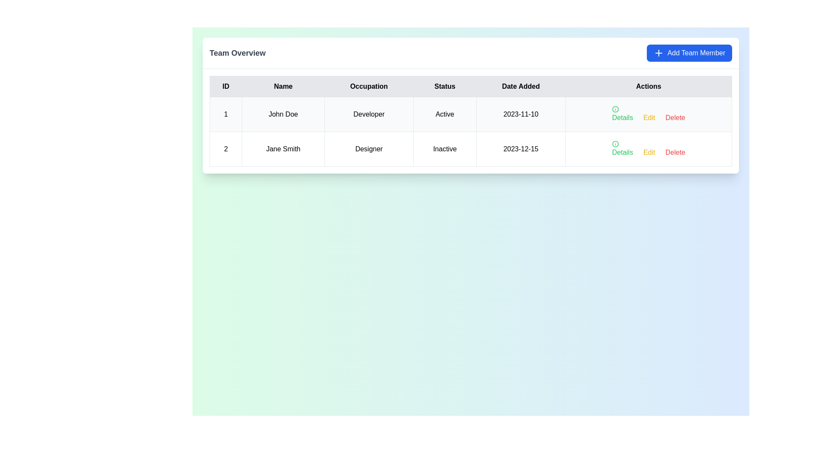 This screenshot has height=463, width=823. Describe the element at coordinates (520, 148) in the screenshot. I see `the read-only Text label displaying the date '2023-12-15' associated with the entry for 'Jane Smith' in the second row of the table's 'Date Added' column` at that location.